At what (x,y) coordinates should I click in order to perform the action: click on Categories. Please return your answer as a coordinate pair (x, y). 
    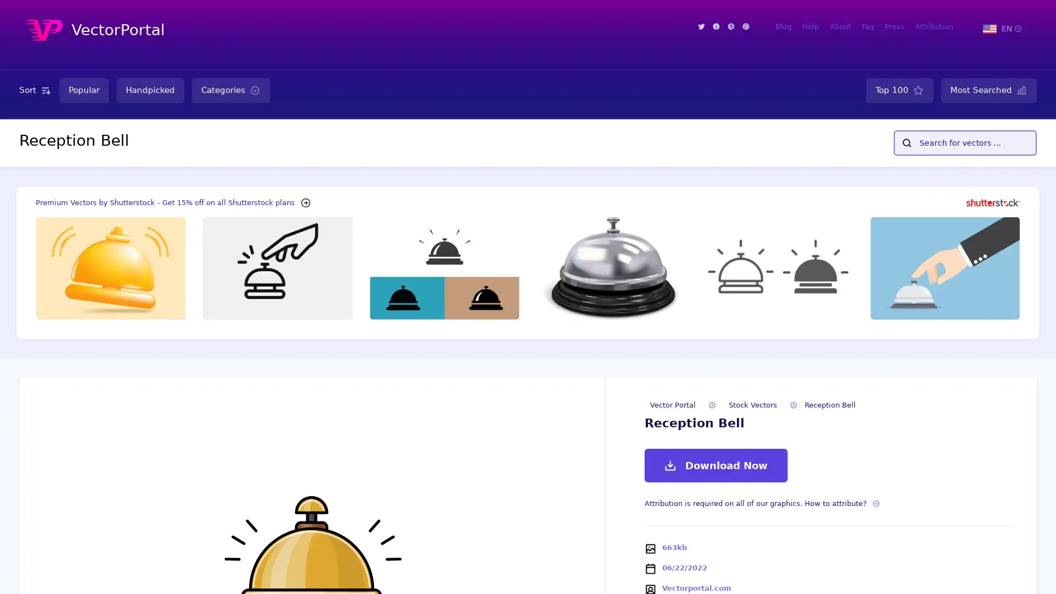
    Looking at the image, I should click on (230, 90).